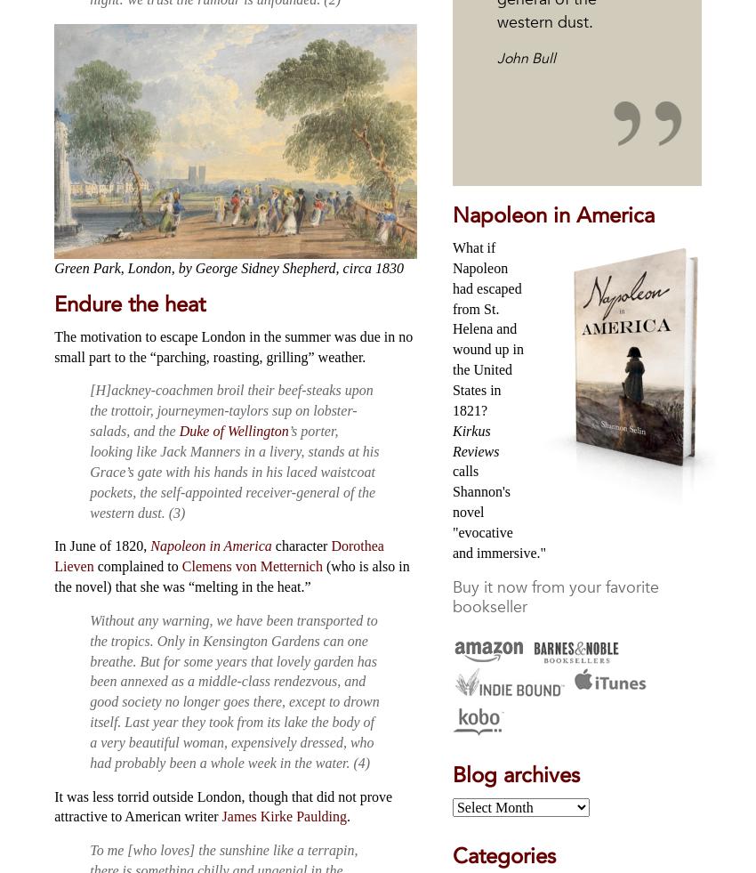 Image resolution: width=756 pixels, height=873 pixels. What do you see at coordinates (503, 855) in the screenshot?
I see `'Categories'` at bounding box center [503, 855].